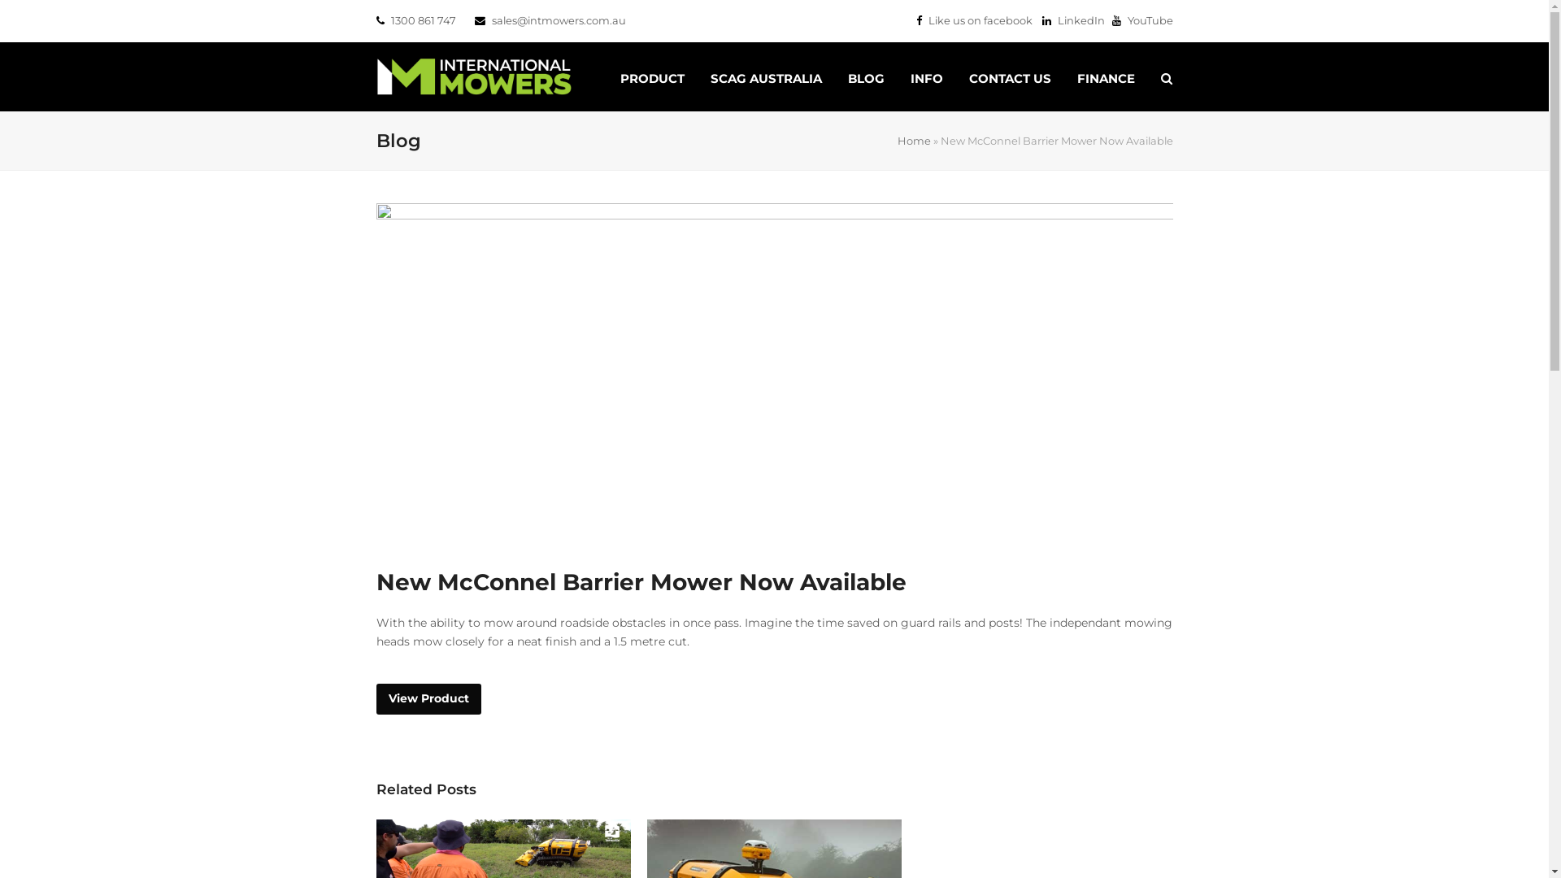 This screenshot has width=1561, height=878. Describe the element at coordinates (765, 76) in the screenshot. I see `'SCAG AUSTRALIA'` at that location.